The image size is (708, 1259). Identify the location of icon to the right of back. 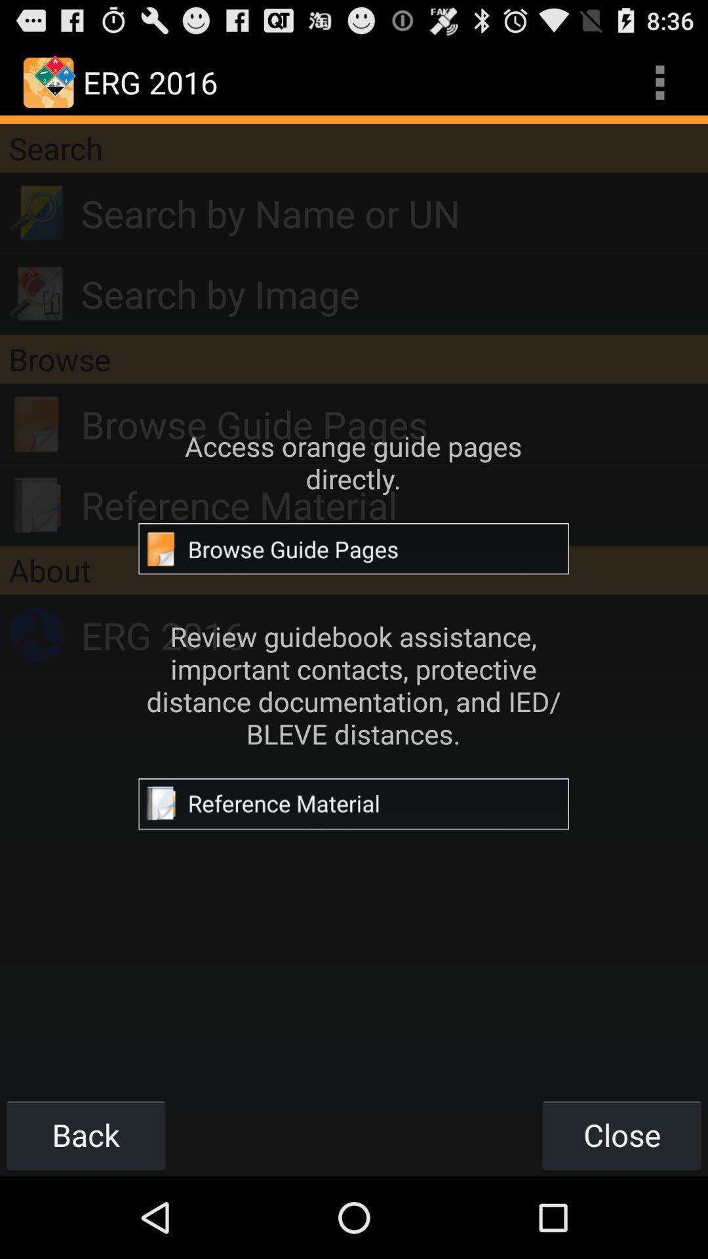
(621, 1134).